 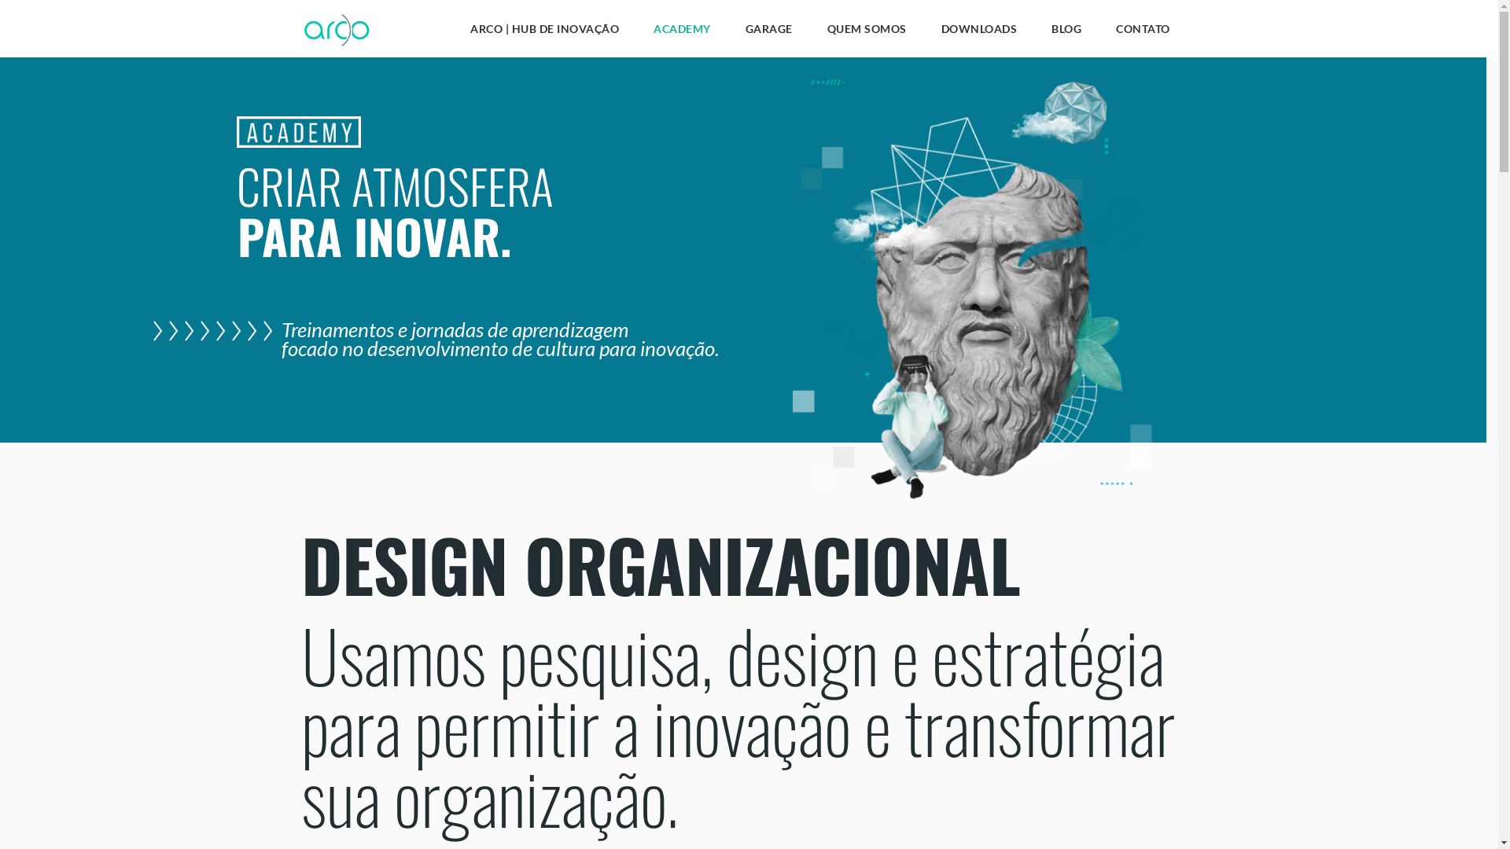 I want to click on 'BLOG', so click(x=1066, y=32).